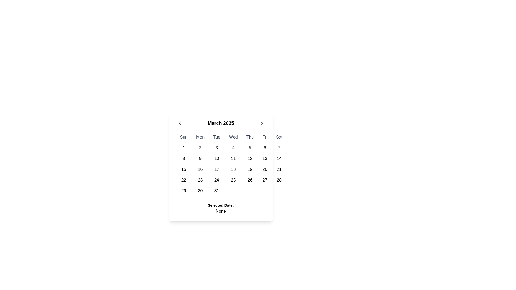 This screenshot has width=516, height=290. I want to click on the clickable text item displaying the number '7', so click(279, 148).